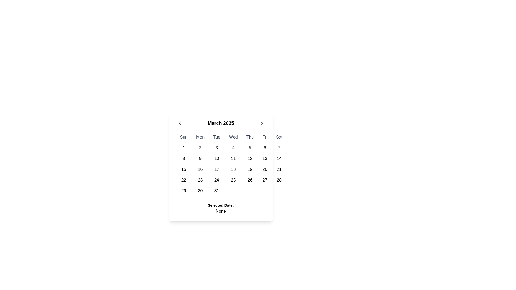 This screenshot has width=516, height=290. I want to click on the clickable text item displaying the number '7', so click(279, 148).